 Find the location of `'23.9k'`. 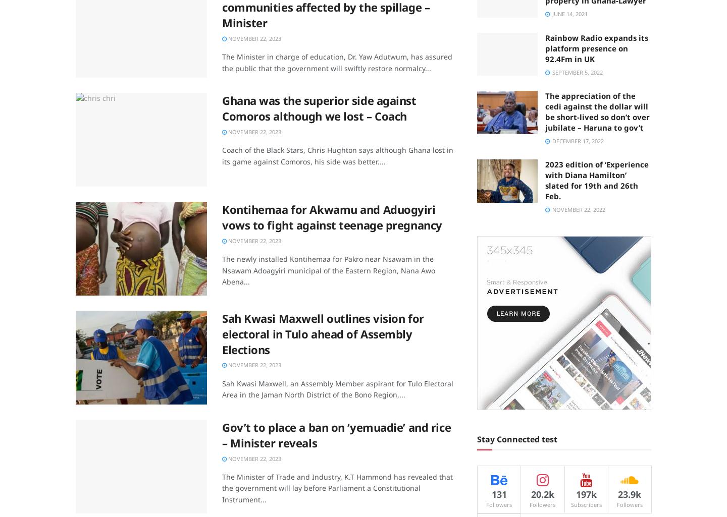

'23.9k' is located at coordinates (629, 493).